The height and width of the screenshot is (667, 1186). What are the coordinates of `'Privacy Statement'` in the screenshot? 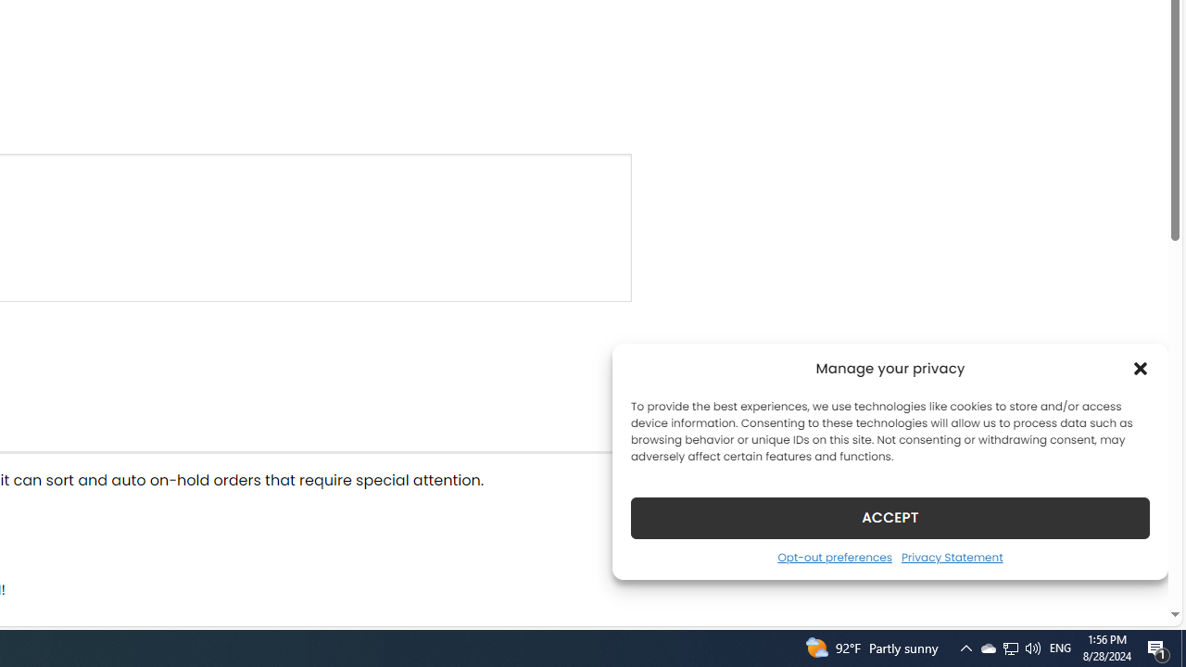 It's located at (952, 556).